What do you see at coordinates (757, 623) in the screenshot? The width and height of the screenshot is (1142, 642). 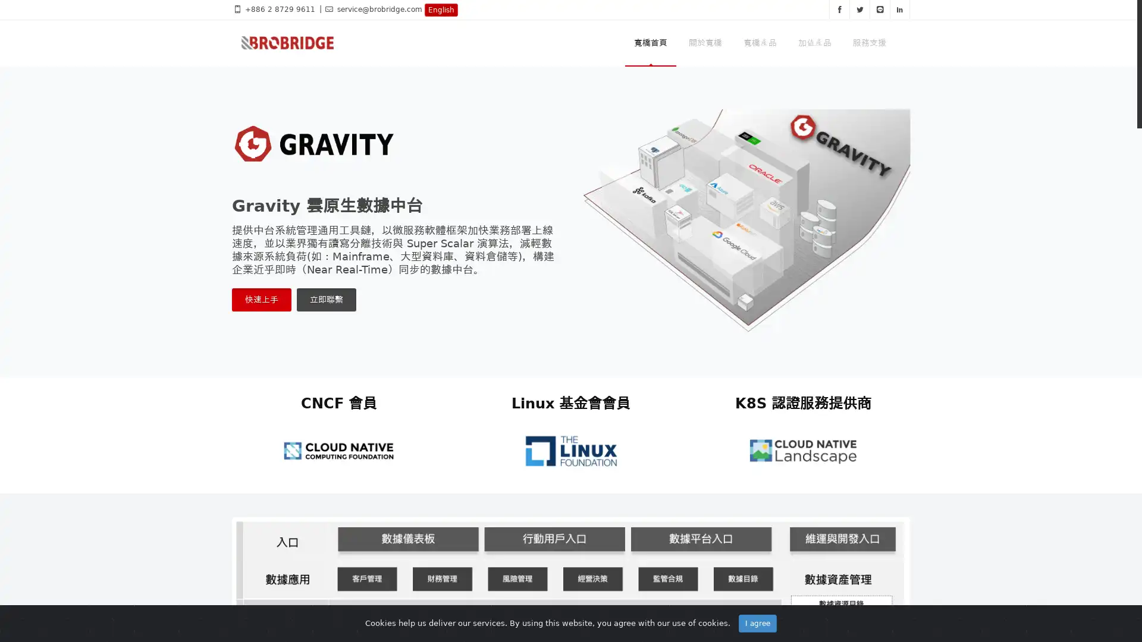 I see `I agree` at bounding box center [757, 623].